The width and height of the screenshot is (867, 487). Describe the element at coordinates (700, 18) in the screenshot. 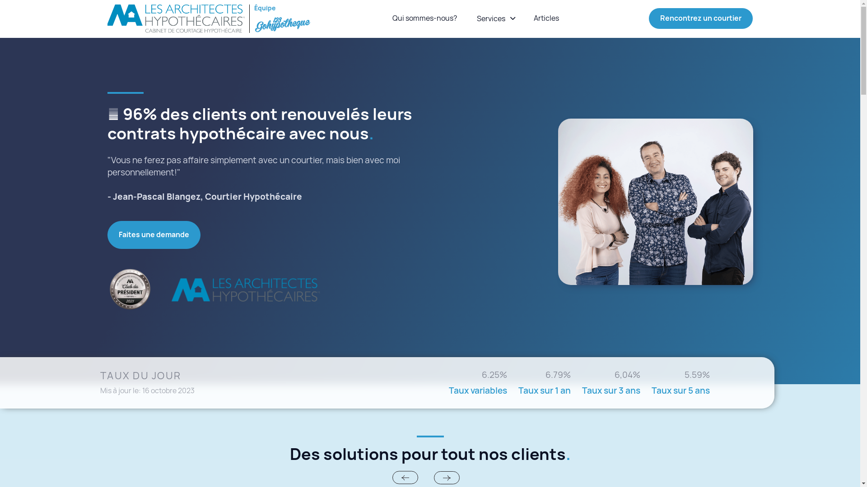

I see `'Rencontrez un courtier'` at that location.